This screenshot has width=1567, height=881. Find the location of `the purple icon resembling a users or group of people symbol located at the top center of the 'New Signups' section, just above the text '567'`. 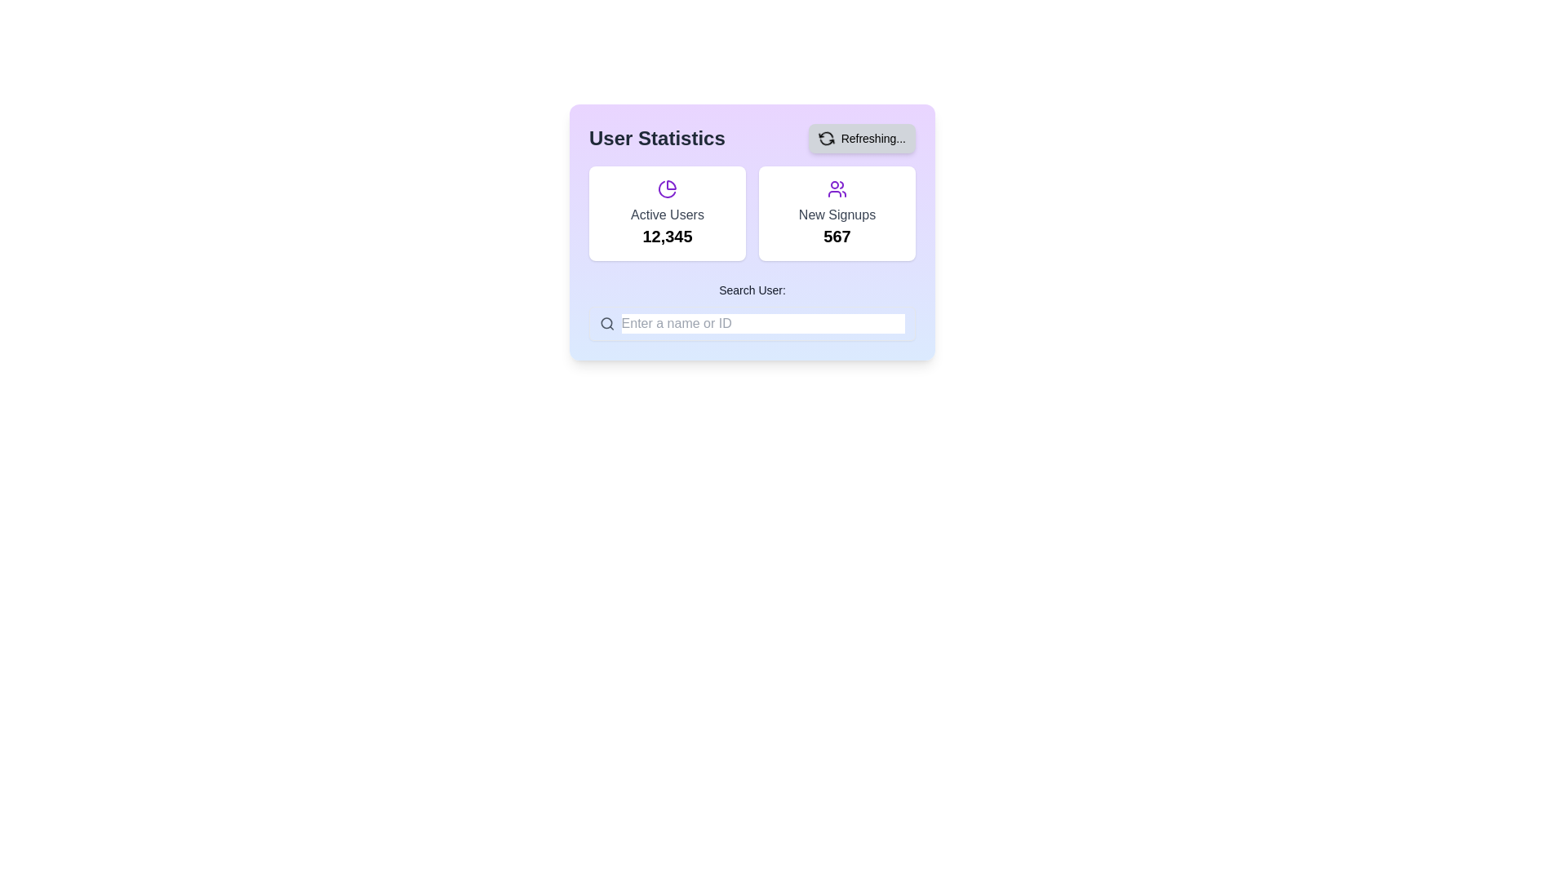

the purple icon resembling a users or group of people symbol located at the top center of the 'New Signups' section, just above the text '567' is located at coordinates (837, 188).